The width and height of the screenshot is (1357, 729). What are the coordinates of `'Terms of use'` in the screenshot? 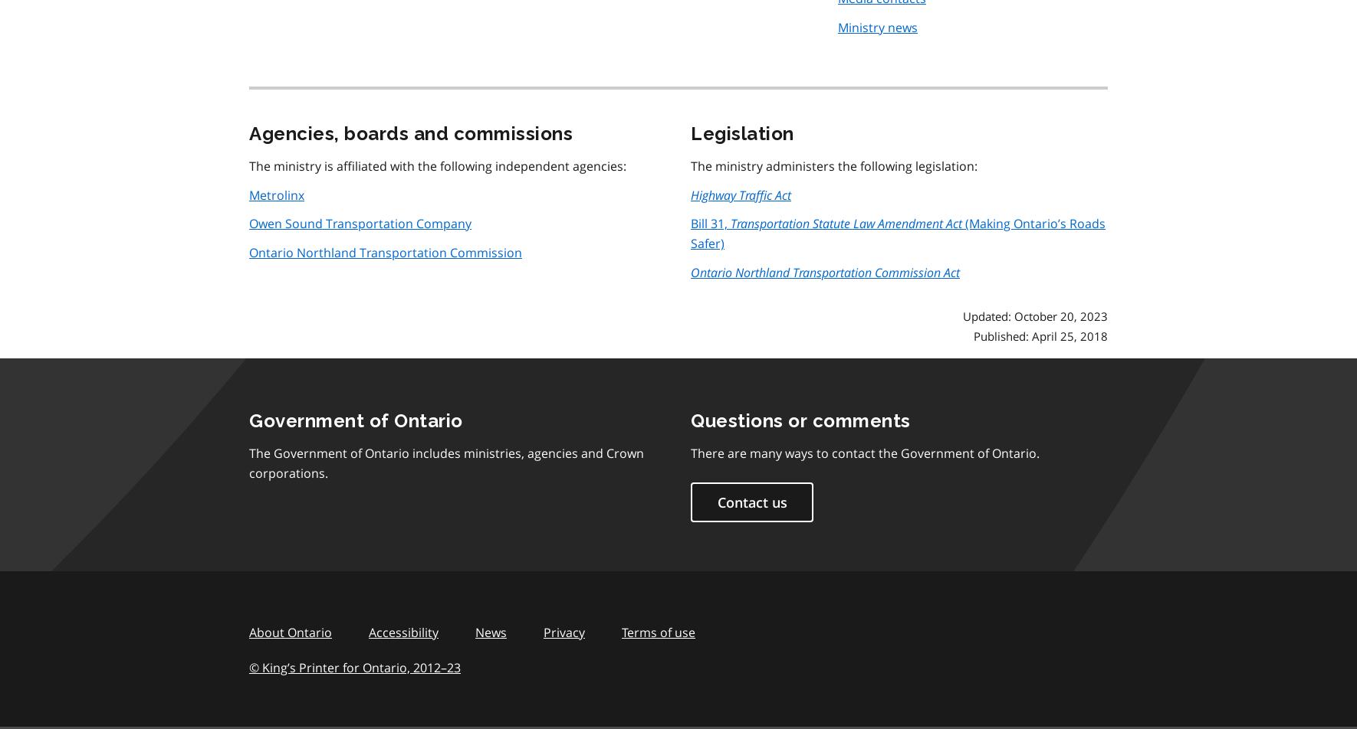 It's located at (622, 632).